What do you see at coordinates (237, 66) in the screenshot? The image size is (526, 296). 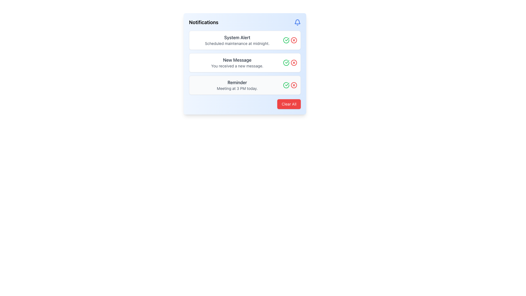 I see `the static text element displaying 'You received a new message.' which is positioned below the title 'New Message.'` at bounding box center [237, 66].